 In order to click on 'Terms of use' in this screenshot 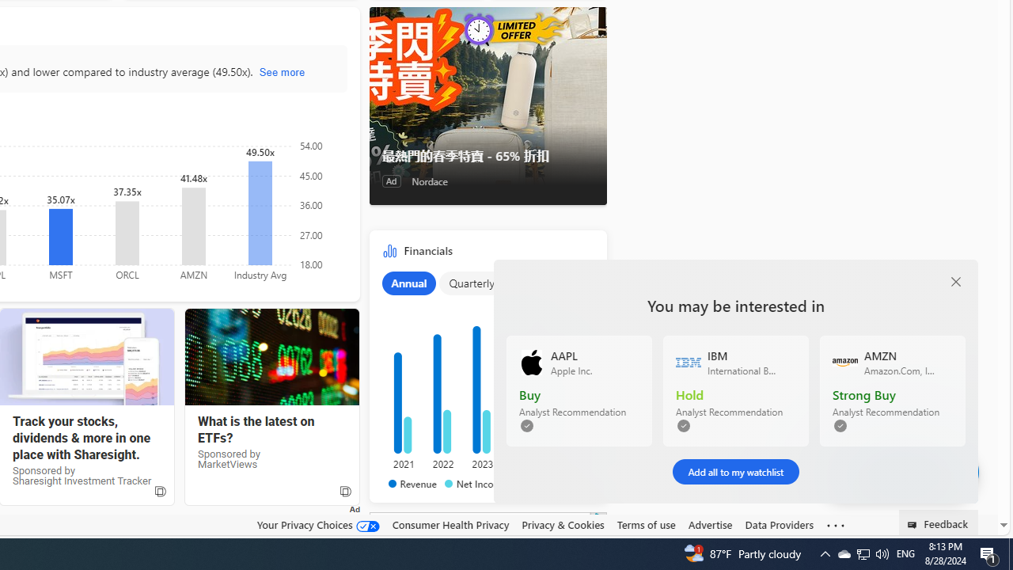, I will do `click(646, 524)`.